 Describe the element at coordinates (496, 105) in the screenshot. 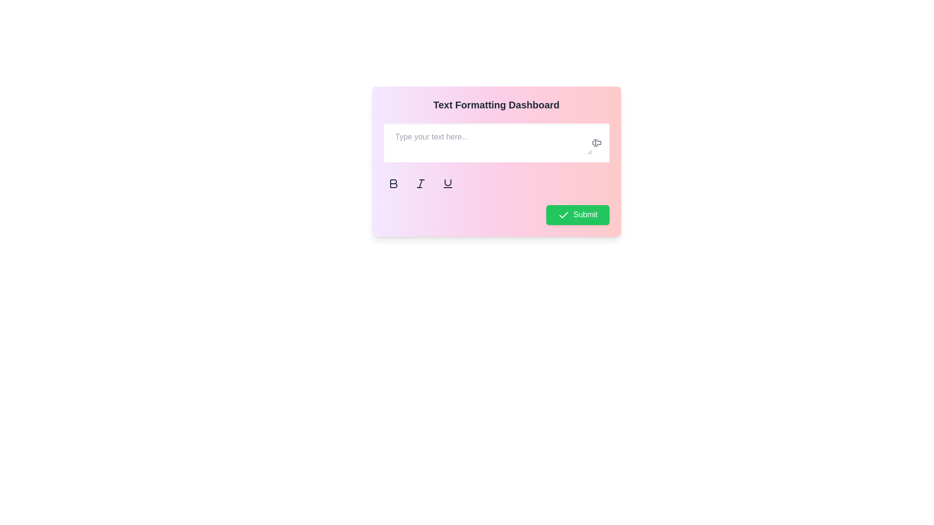

I see `the text header displaying 'Text Formatting Dashboard' which is prominently located at the top of the card interface` at that location.